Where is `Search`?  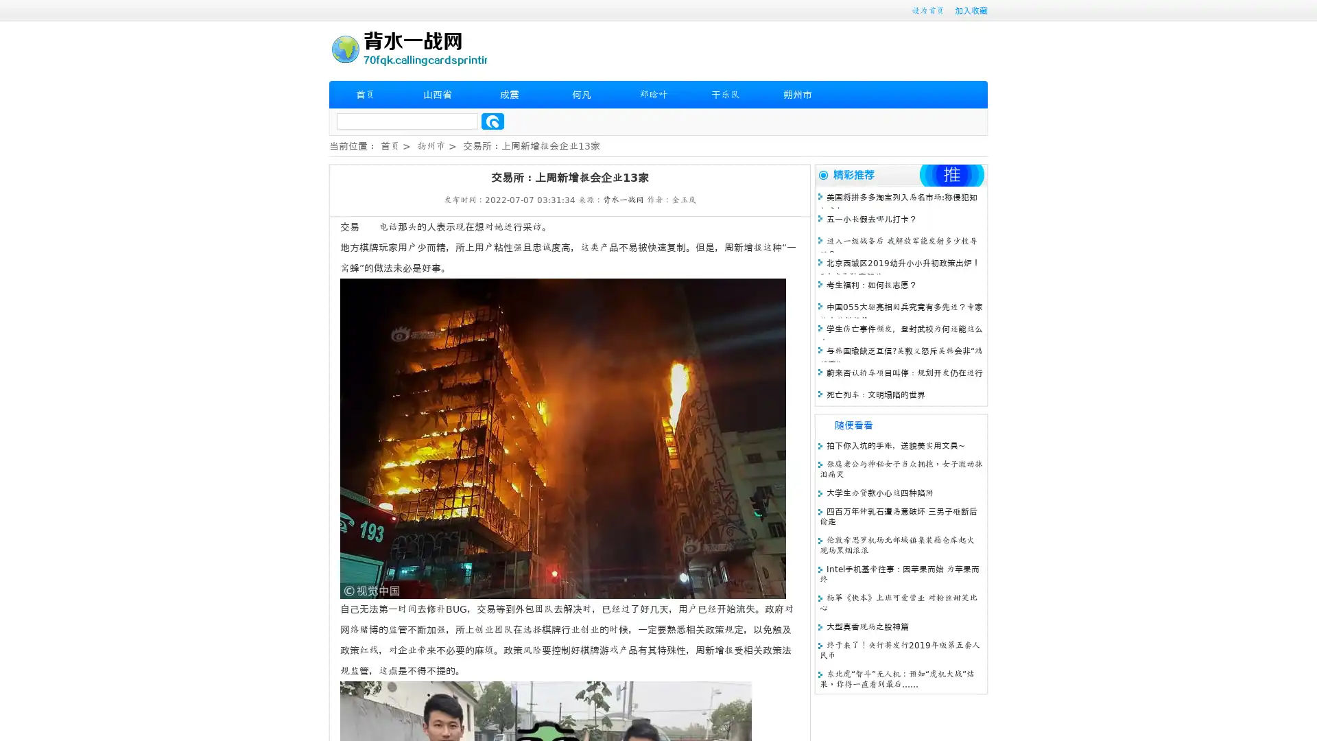 Search is located at coordinates (493, 121).